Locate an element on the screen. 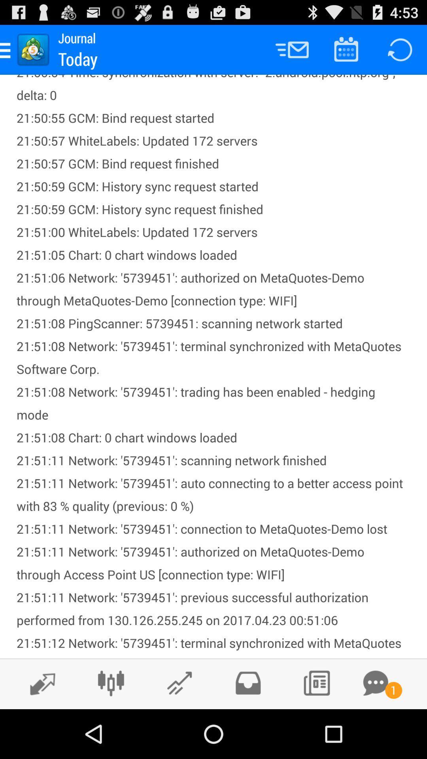 This screenshot has height=759, width=427. the edit icon is located at coordinates (179, 731).